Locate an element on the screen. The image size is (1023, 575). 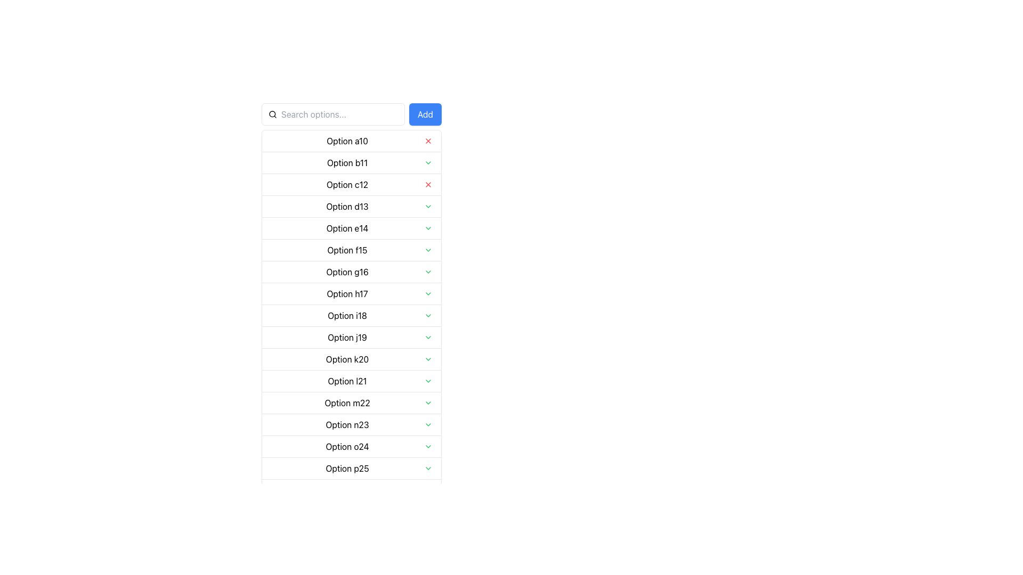
the List Item displaying 'Option p25' with a green chevron icon, which is the 16th row in the vertical list of options is located at coordinates (352, 467).